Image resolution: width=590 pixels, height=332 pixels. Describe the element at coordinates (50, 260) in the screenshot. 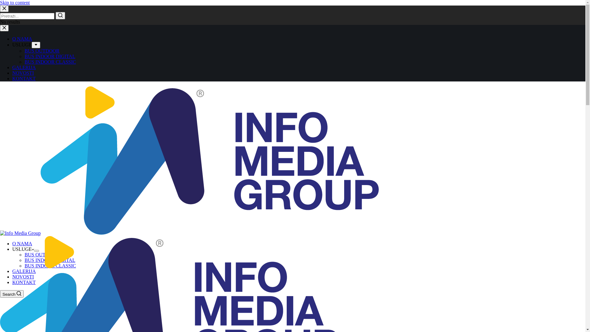

I see `'BUS INDOOR DIGITAL'` at that location.